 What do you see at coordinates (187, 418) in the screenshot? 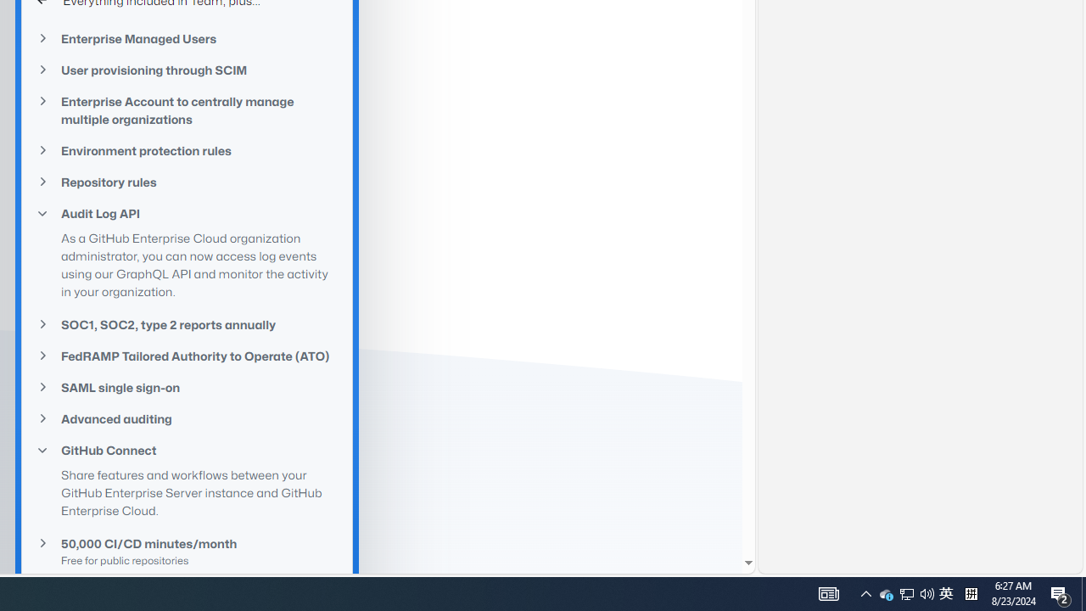
I see `'Advanced auditing'` at bounding box center [187, 418].